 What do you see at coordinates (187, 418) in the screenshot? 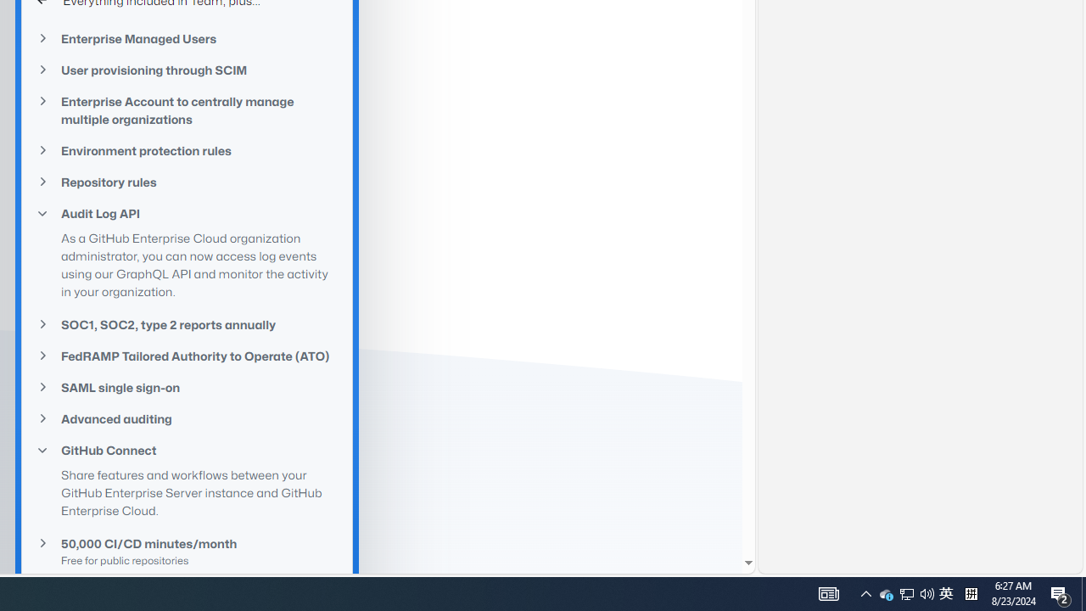
I see `'Advanced auditing'` at bounding box center [187, 418].